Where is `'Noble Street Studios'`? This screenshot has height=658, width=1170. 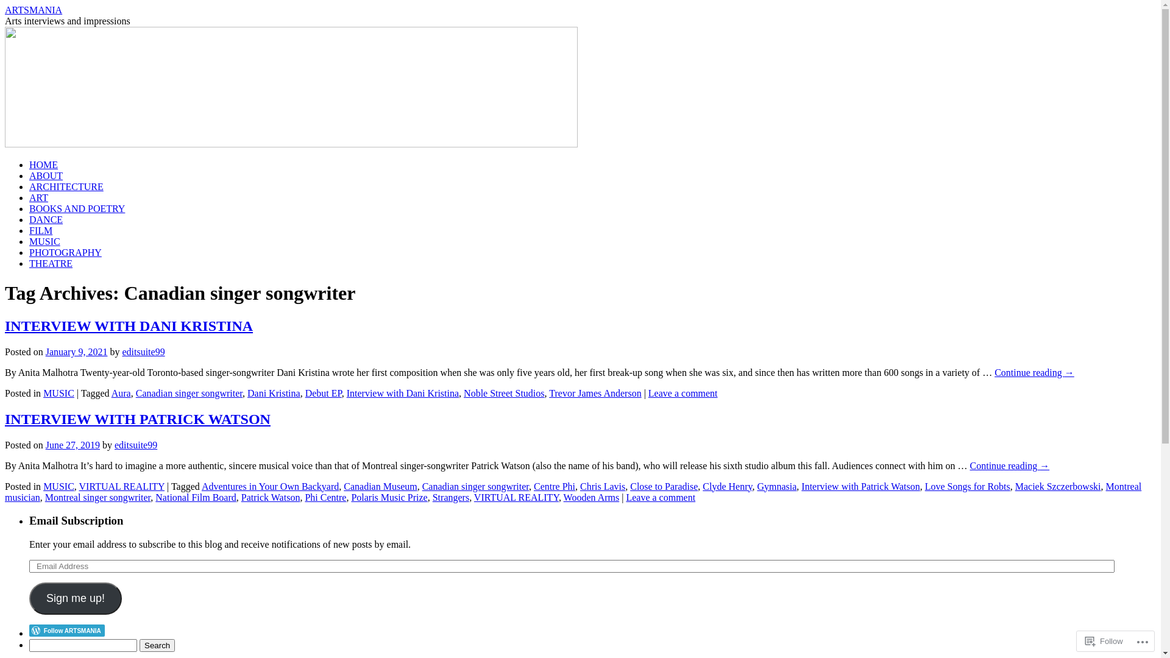 'Noble Street Studios' is located at coordinates (503, 393).